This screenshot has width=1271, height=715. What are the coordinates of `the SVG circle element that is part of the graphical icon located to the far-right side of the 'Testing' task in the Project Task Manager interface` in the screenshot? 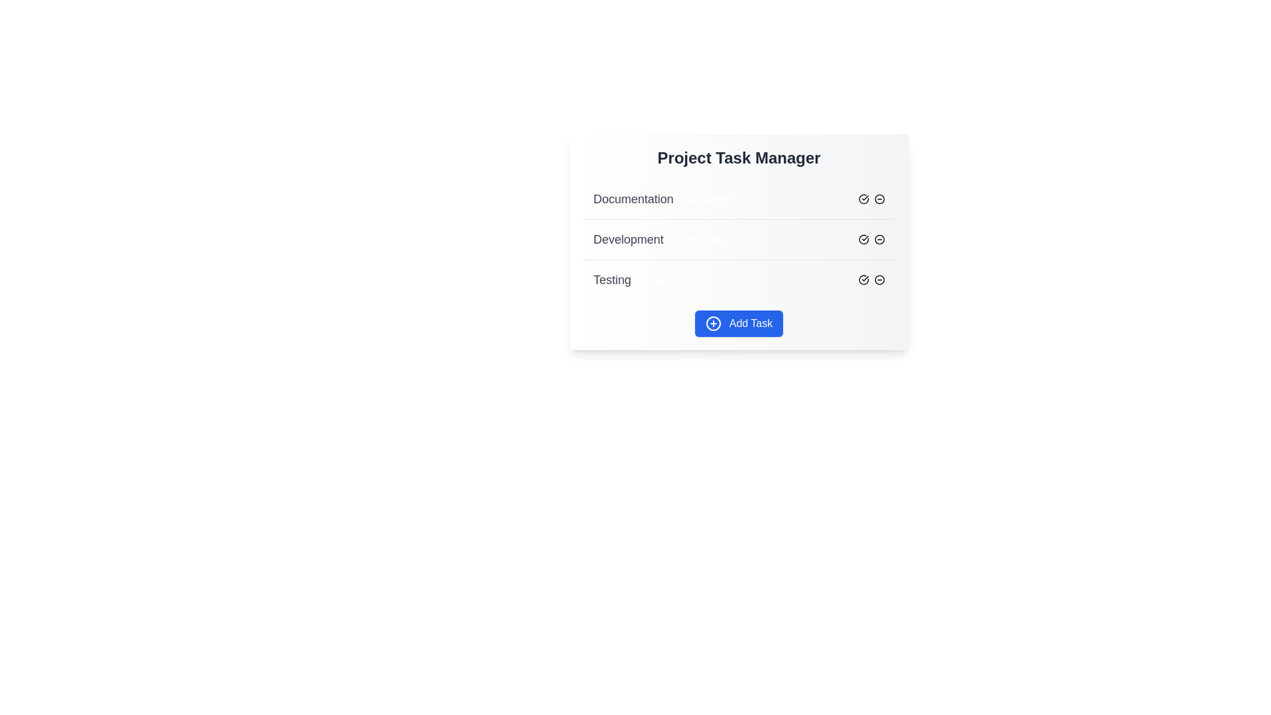 It's located at (879, 279).